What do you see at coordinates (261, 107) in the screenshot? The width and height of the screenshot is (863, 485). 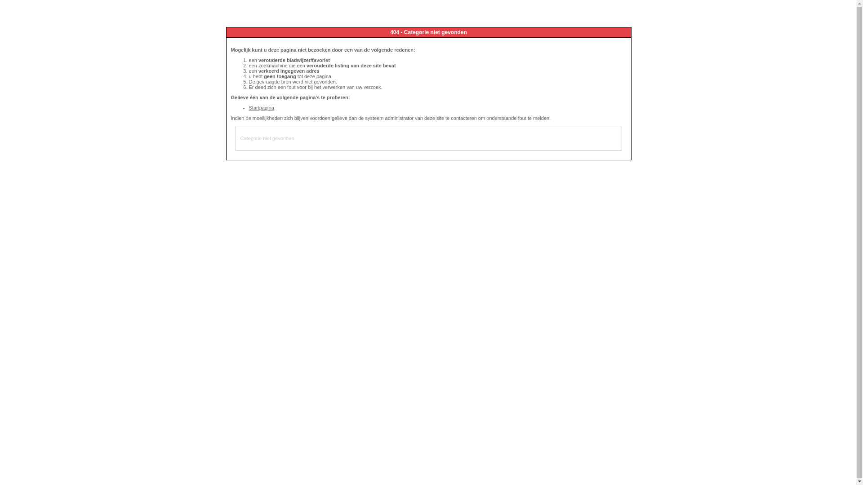 I see `'Startpagina'` at bounding box center [261, 107].